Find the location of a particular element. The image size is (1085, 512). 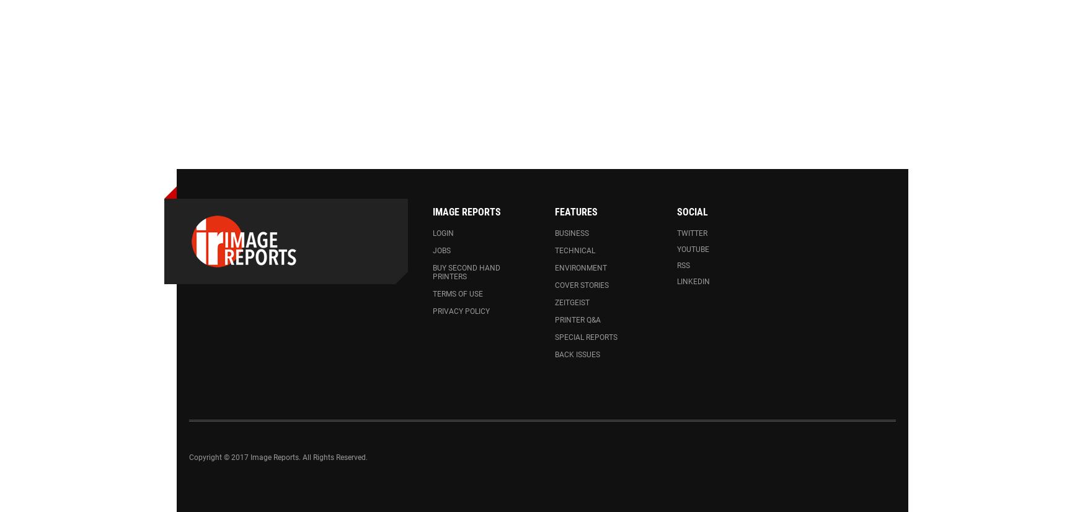

'LinkedIn' is located at coordinates (693, 282).